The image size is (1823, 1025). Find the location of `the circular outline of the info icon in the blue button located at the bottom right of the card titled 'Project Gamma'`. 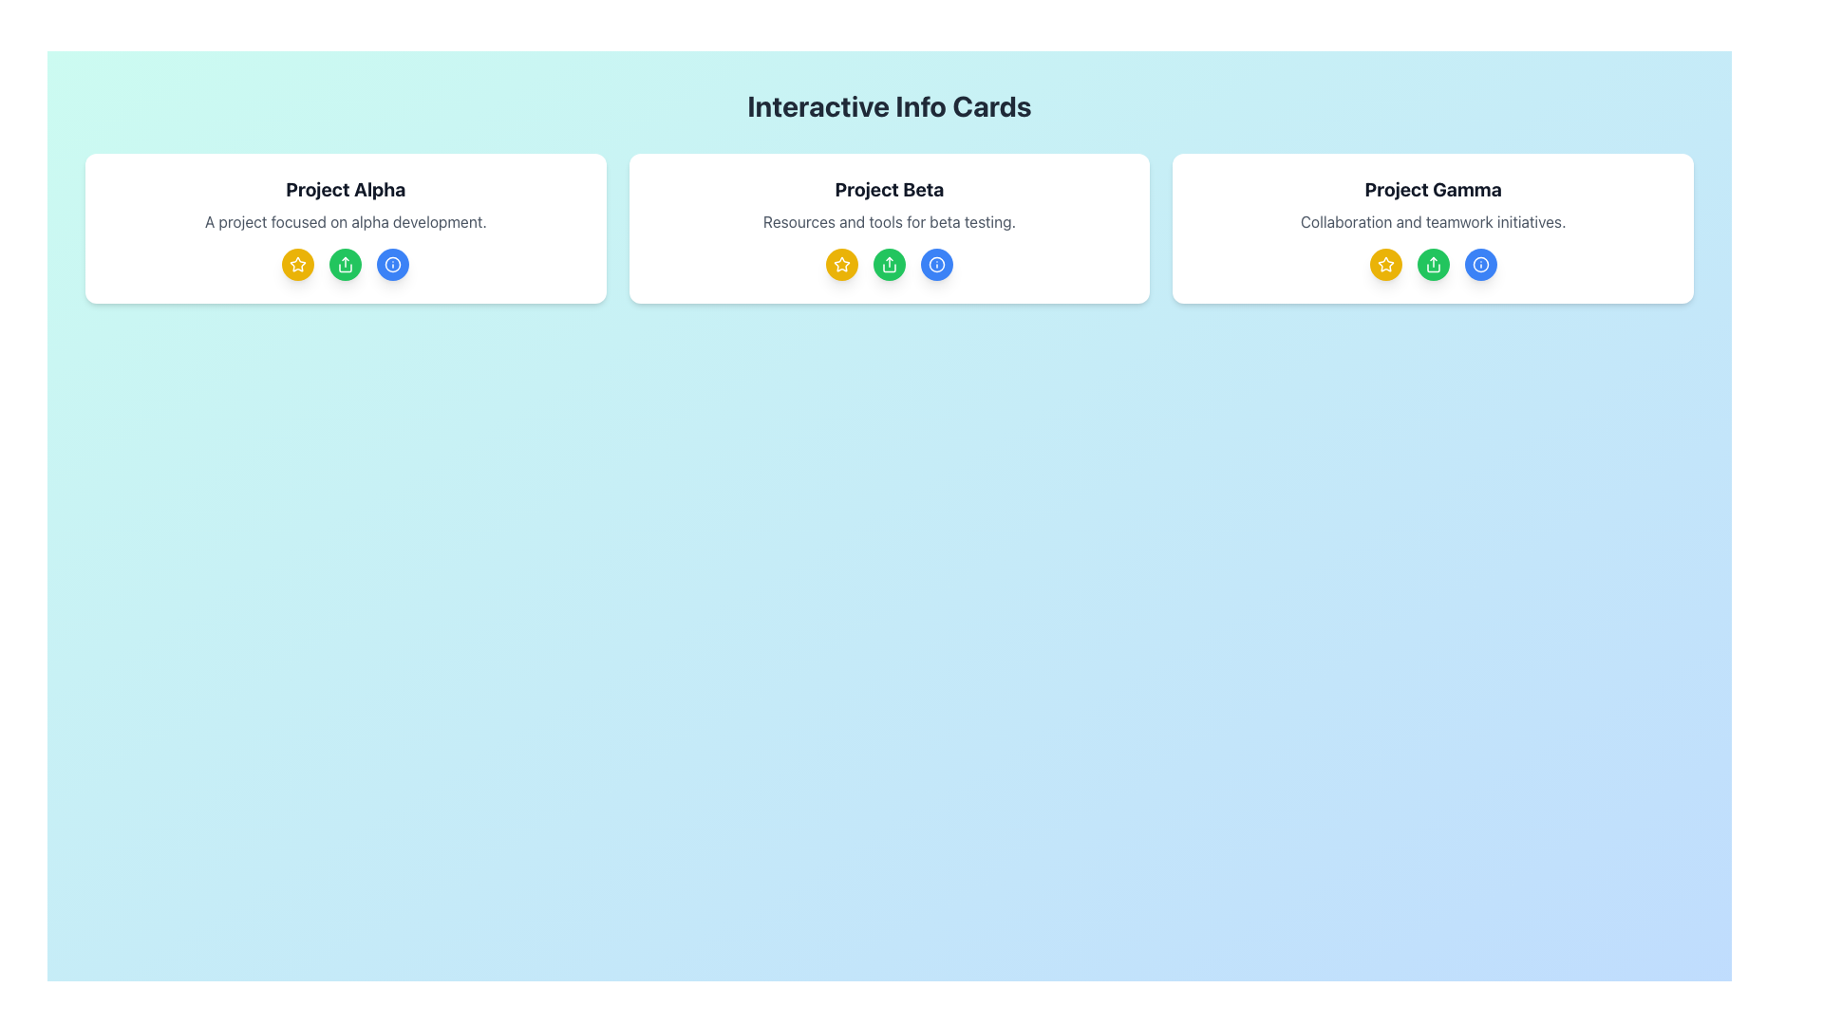

the circular outline of the info icon in the blue button located at the bottom right of the card titled 'Project Gamma' is located at coordinates (1479, 264).